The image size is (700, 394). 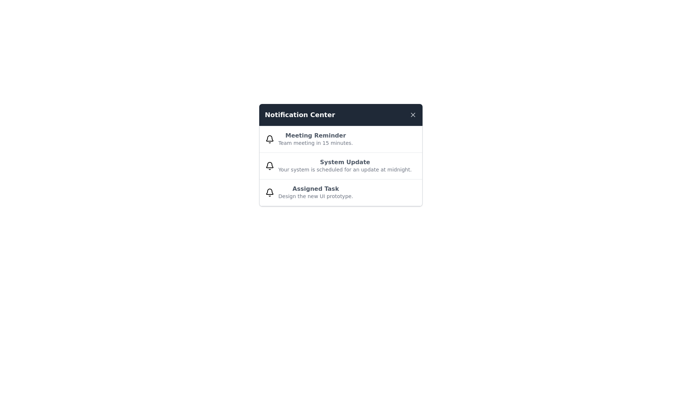 What do you see at coordinates (413, 115) in the screenshot?
I see `the small interactive 'X' icon button in the top-right corner of the 'Notification Center' header` at bounding box center [413, 115].